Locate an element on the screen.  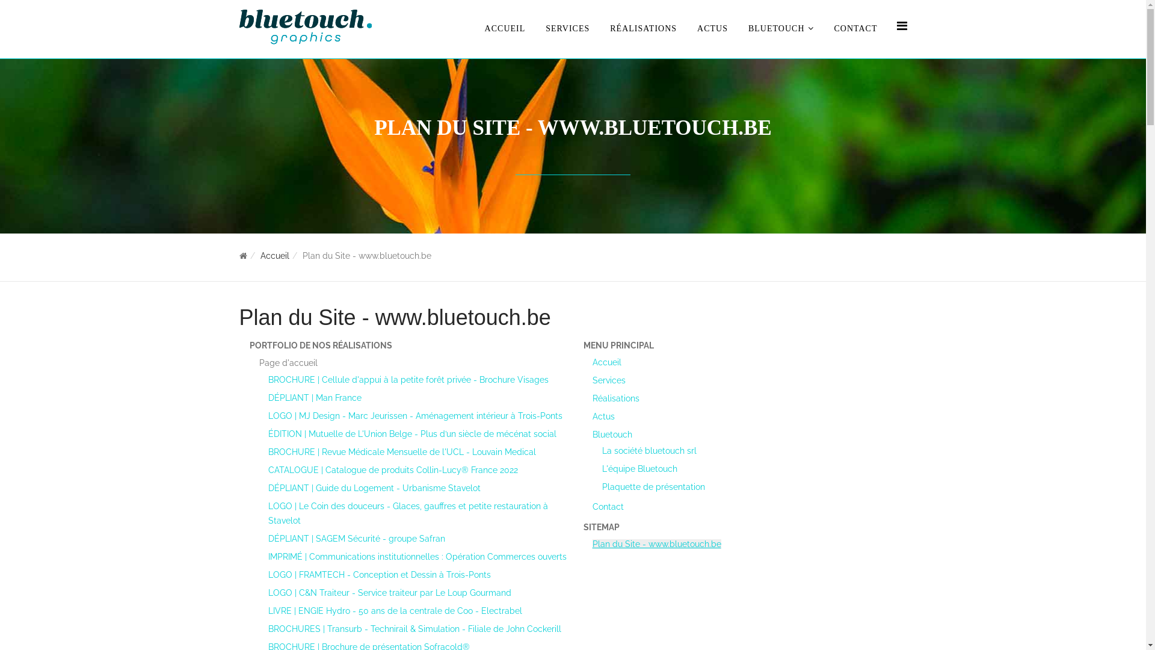
'BLUETOUCH' is located at coordinates (781, 28).